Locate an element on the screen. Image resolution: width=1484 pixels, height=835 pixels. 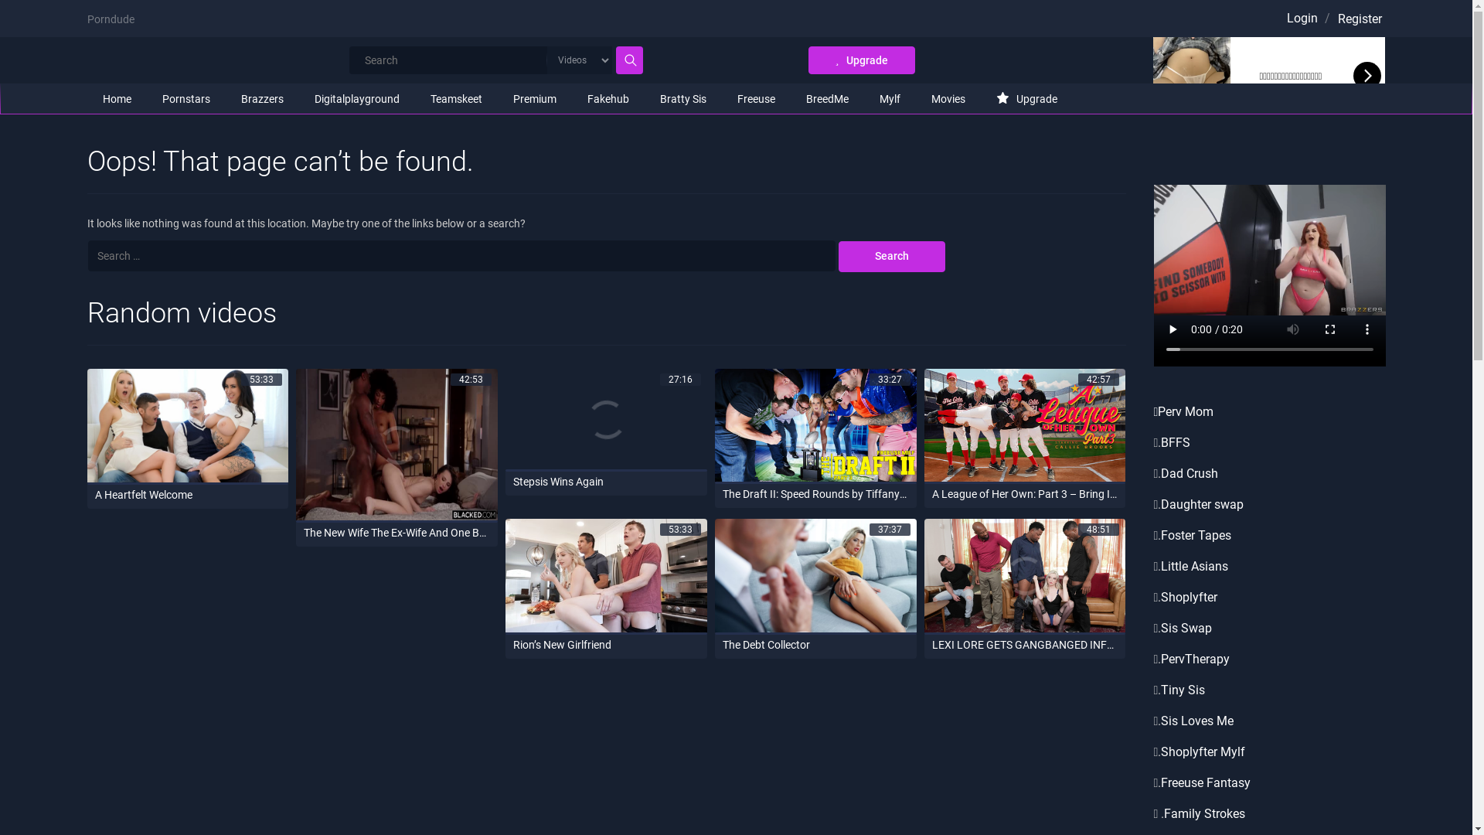
'Brazzers' is located at coordinates (262, 98).